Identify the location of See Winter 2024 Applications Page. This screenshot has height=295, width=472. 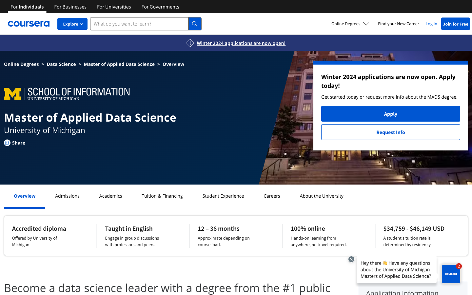
(241, 43).